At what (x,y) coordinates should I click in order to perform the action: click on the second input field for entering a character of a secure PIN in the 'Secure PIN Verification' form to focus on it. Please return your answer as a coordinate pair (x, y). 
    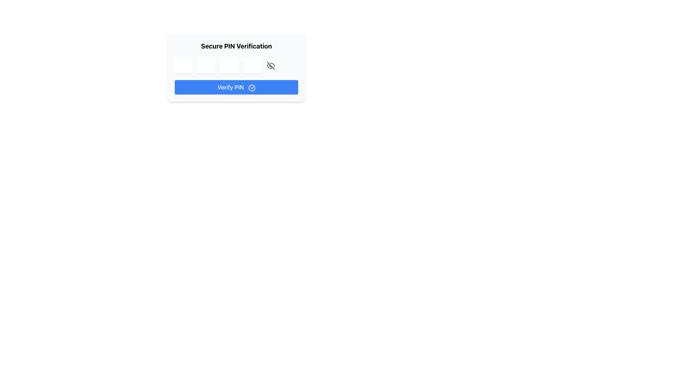
    Looking at the image, I should click on (206, 65).